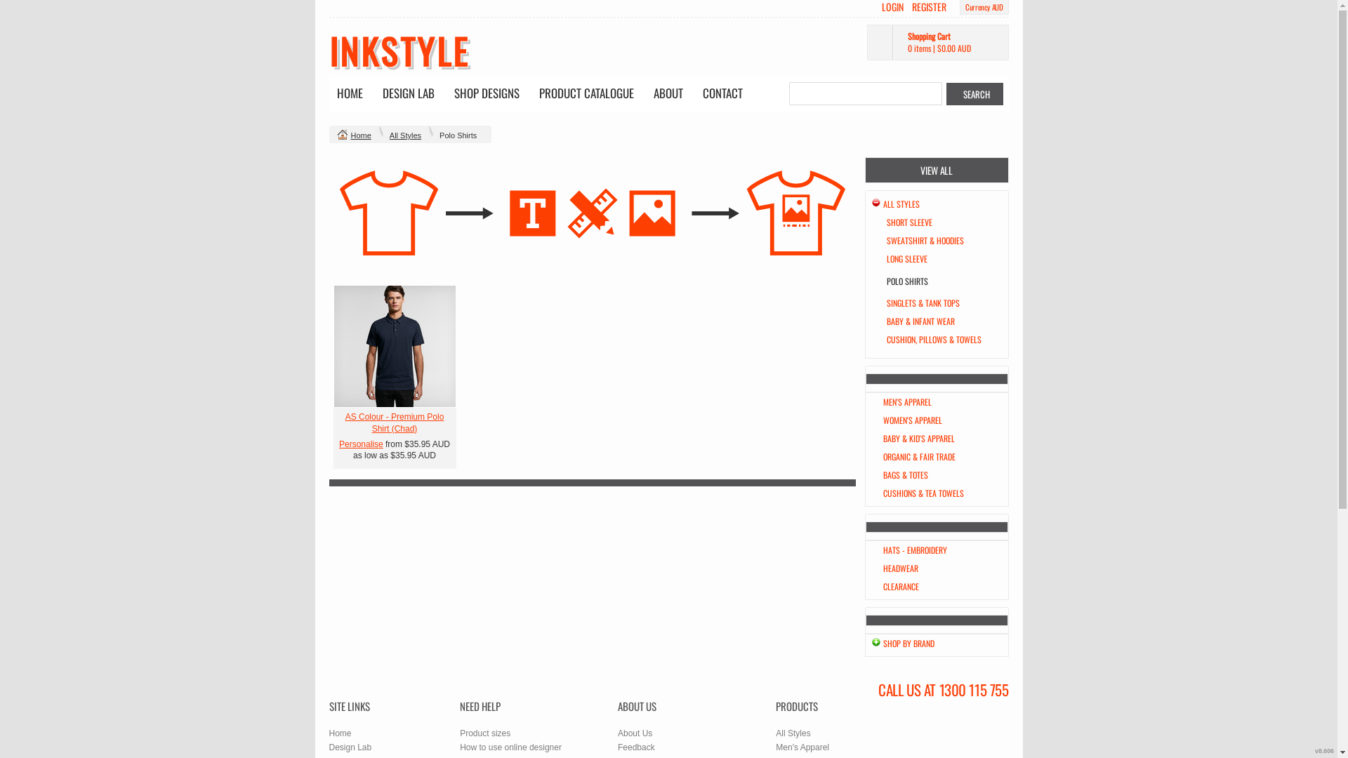 The image size is (1348, 758). I want to click on 'MEN'S APPAREL', so click(907, 401).